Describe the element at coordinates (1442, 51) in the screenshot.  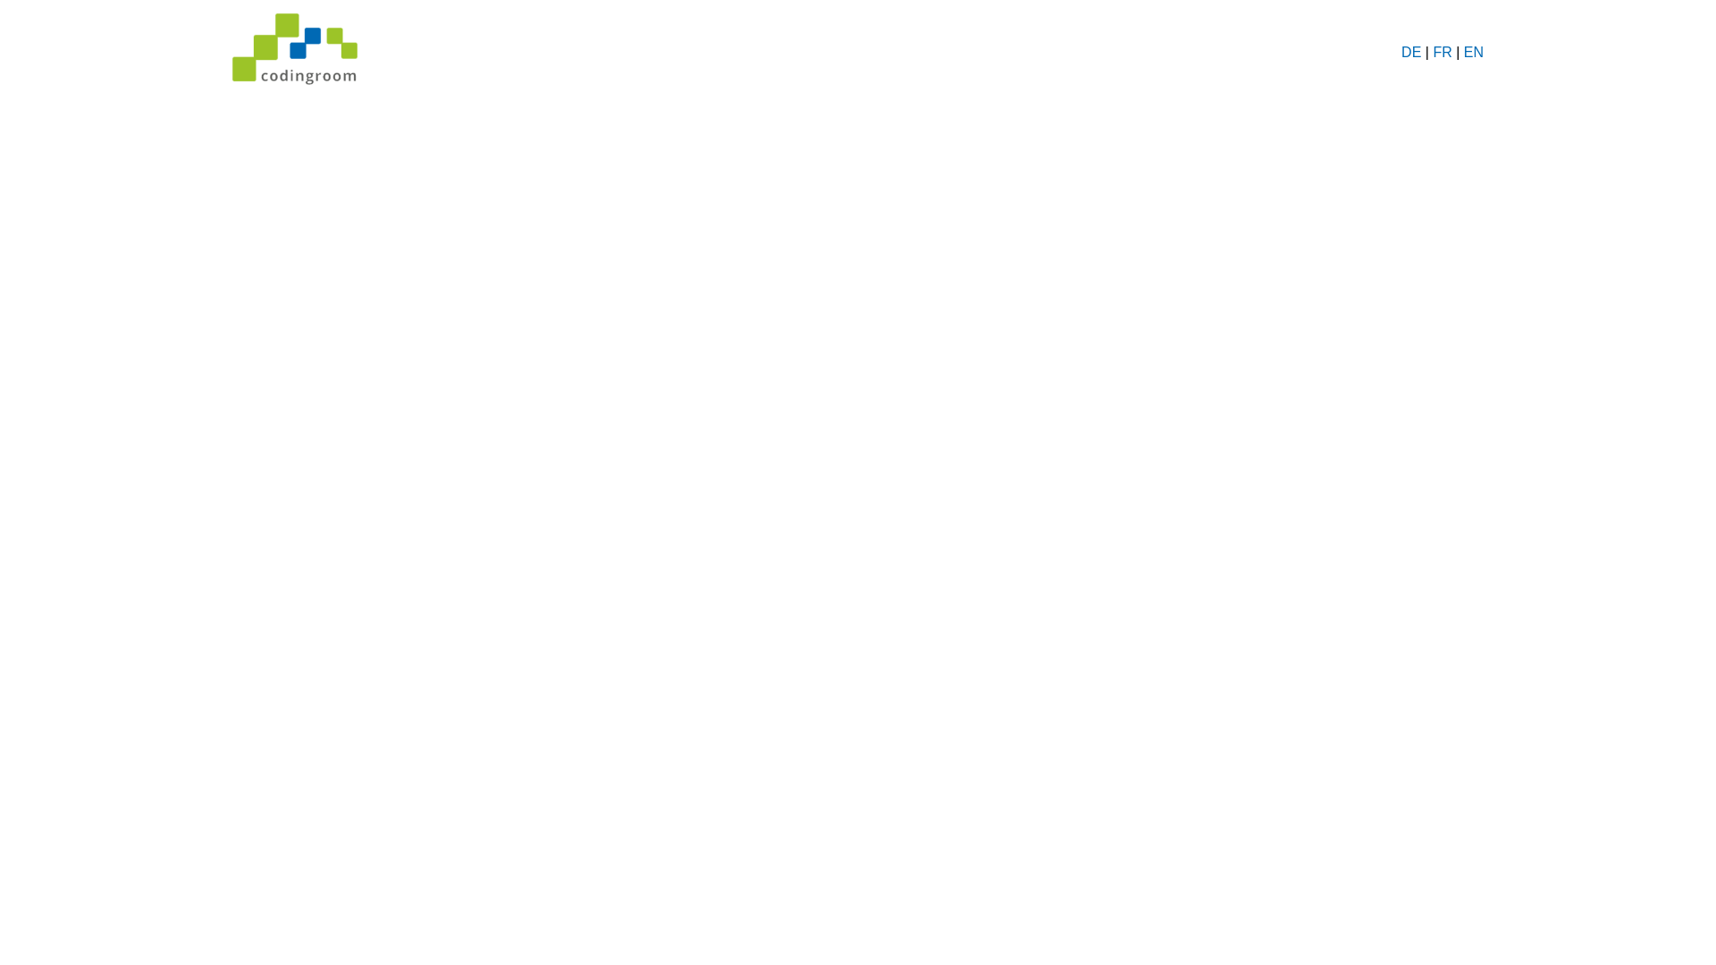
I see `'FR'` at that location.